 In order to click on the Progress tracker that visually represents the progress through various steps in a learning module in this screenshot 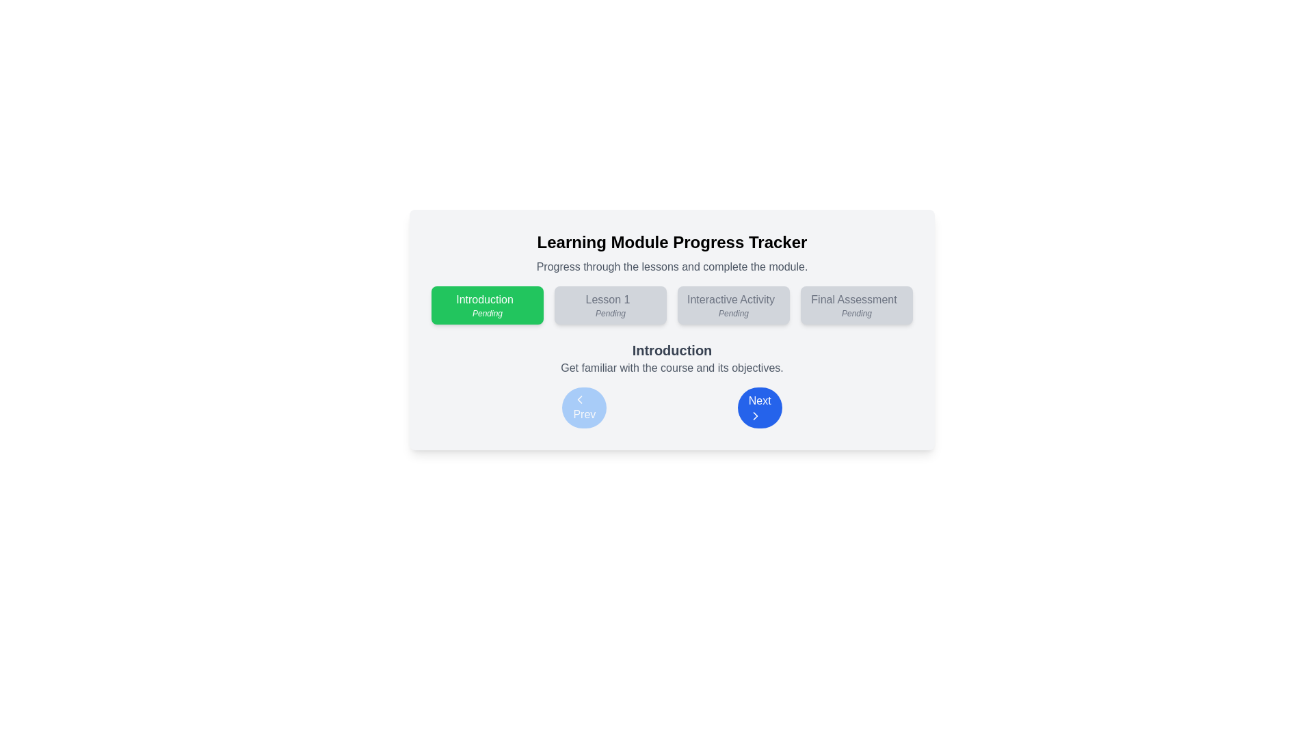, I will do `click(672, 305)`.